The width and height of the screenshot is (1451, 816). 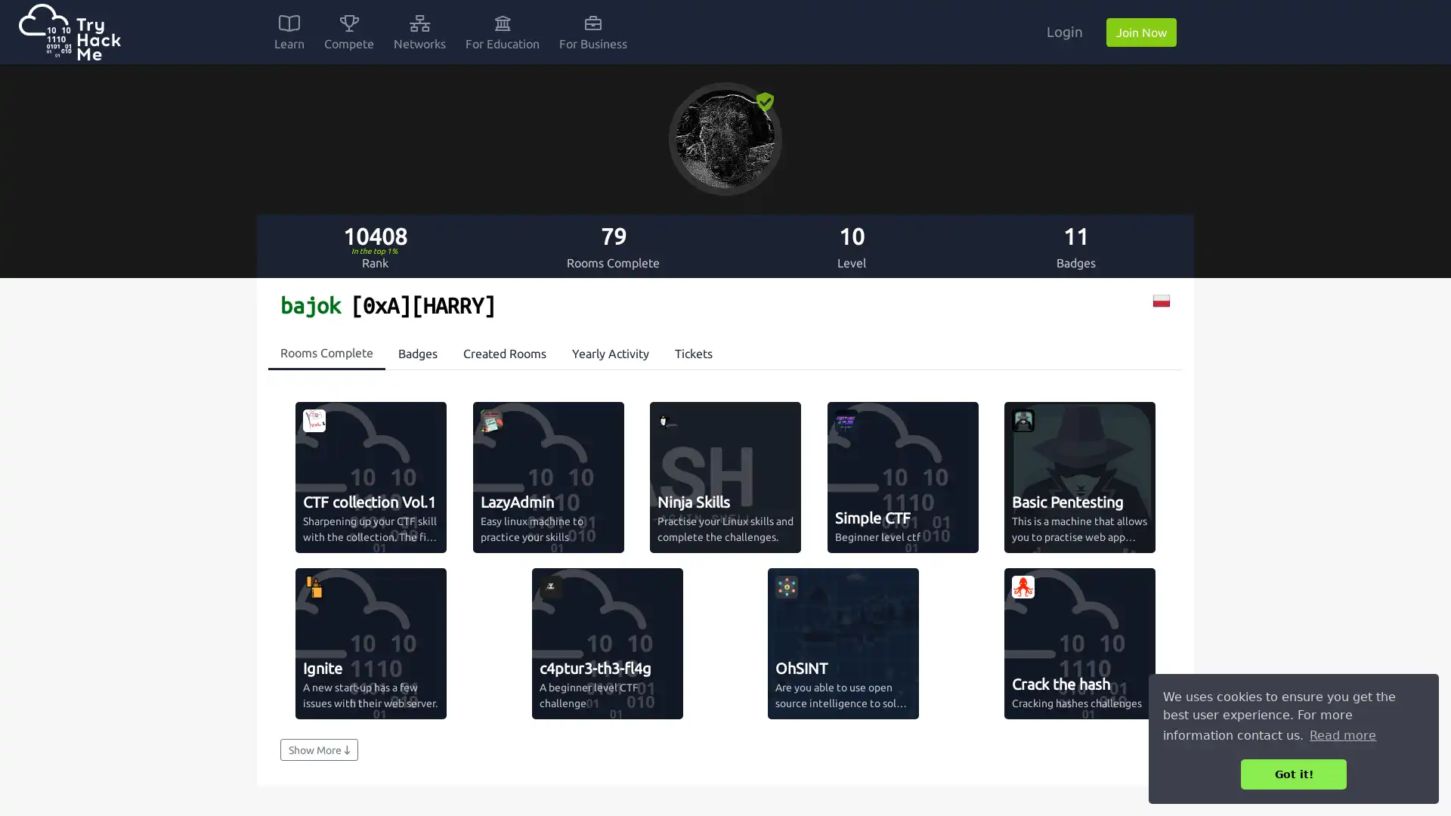 What do you see at coordinates (1342, 734) in the screenshot?
I see `learn more about cookies` at bounding box center [1342, 734].